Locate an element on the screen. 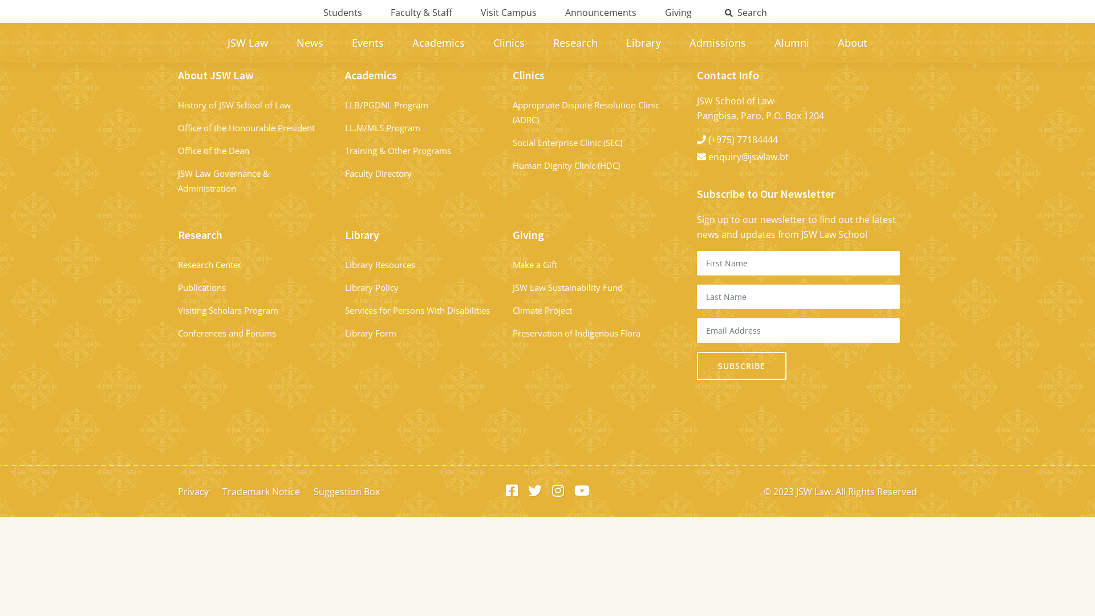 This screenshot has width=1095, height=616. 'Search' is located at coordinates (745, 13).